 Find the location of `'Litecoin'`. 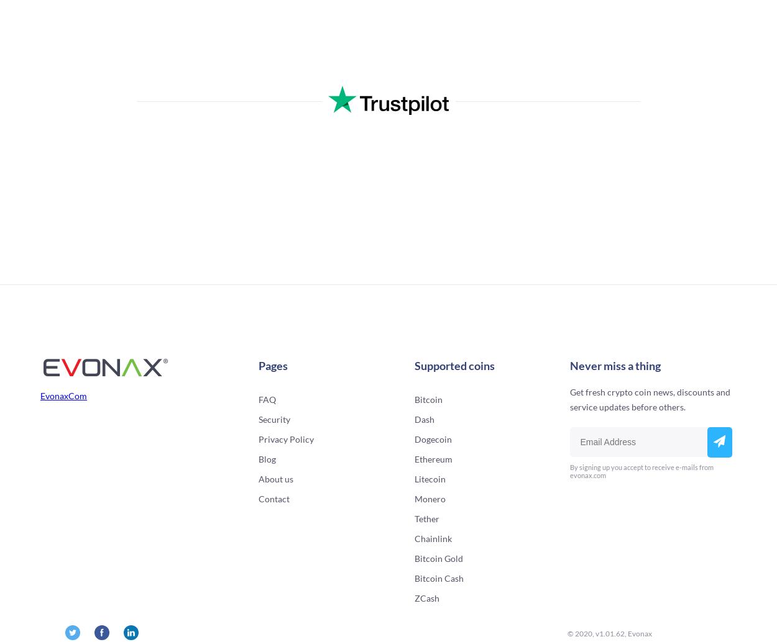

'Litecoin' is located at coordinates (414, 479).